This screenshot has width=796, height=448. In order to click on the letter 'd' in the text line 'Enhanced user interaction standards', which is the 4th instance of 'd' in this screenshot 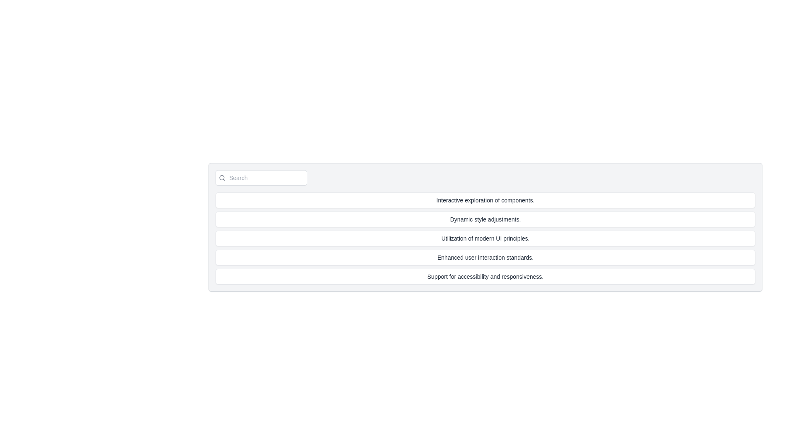, I will do `click(527, 257)`.